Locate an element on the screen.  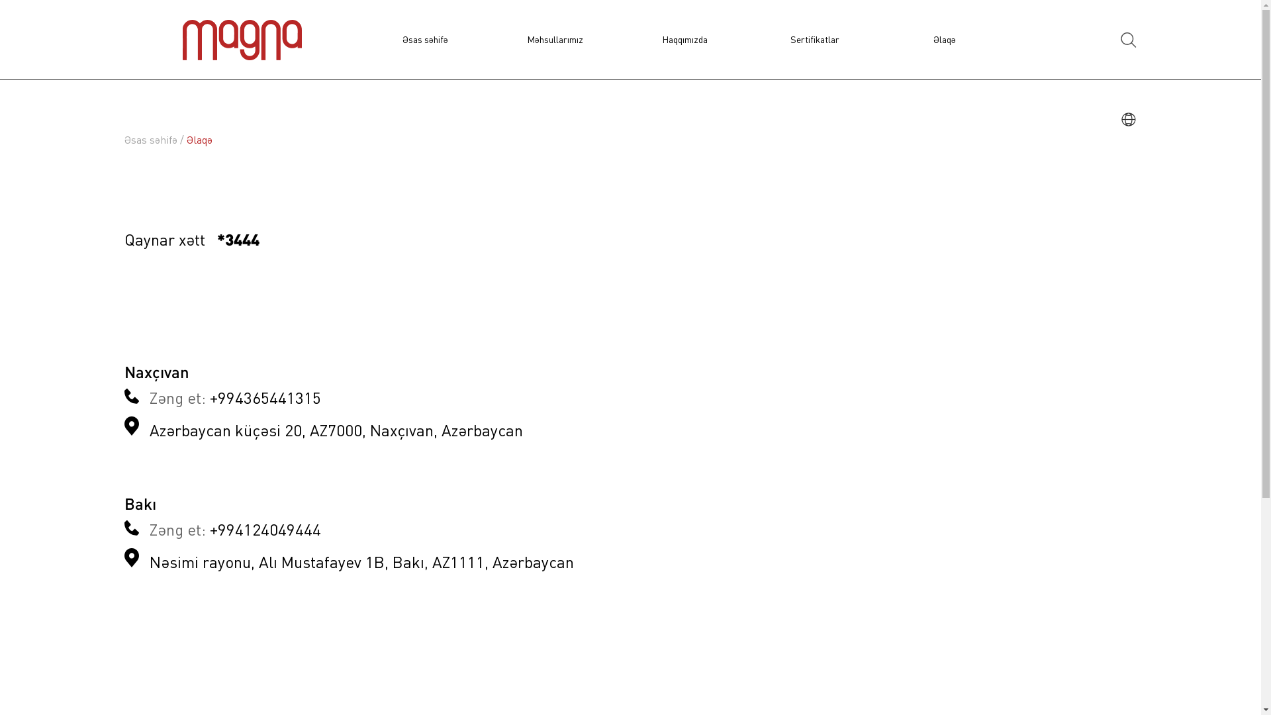
'*3444' is located at coordinates (238, 242).